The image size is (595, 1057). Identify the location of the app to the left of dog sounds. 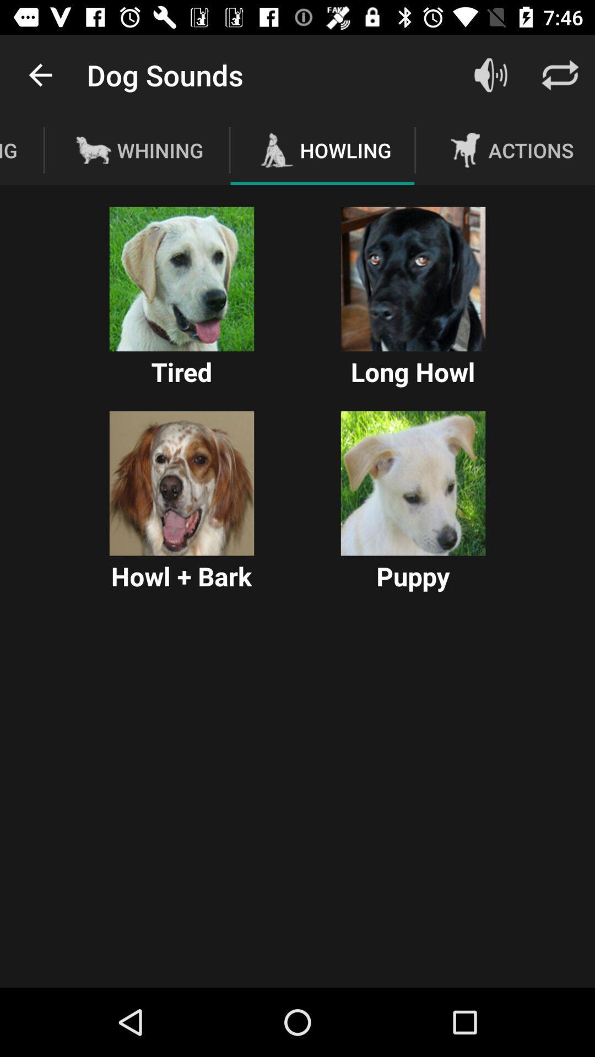
(40, 74).